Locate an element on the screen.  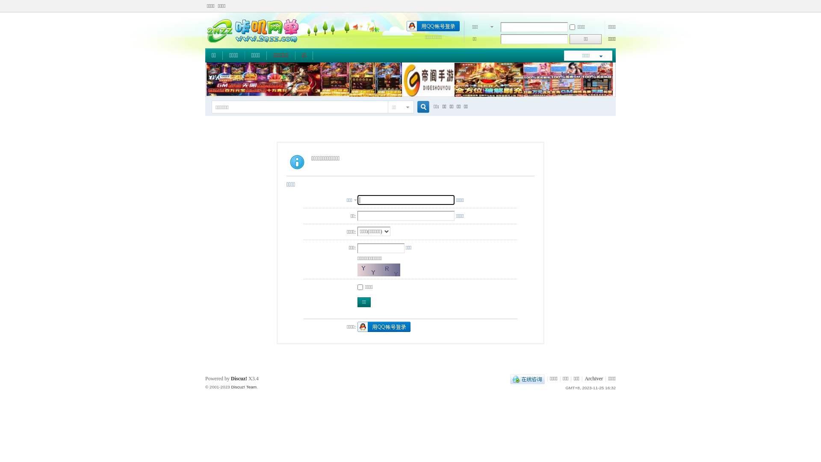
'Discuz!' is located at coordinates (239, 378).